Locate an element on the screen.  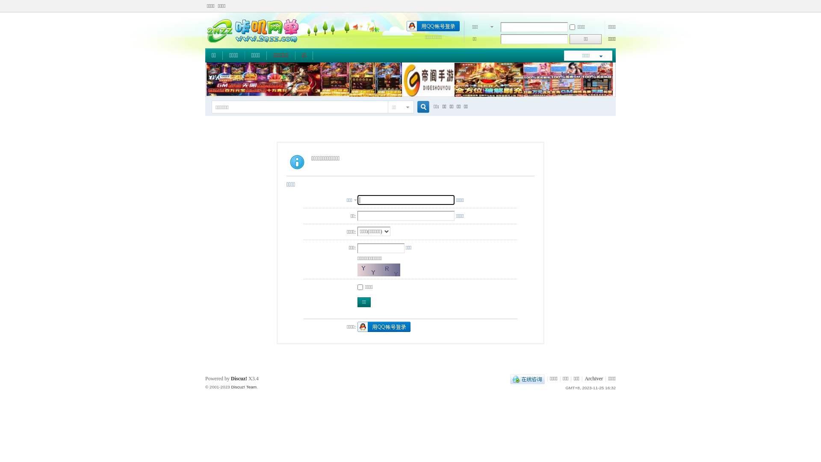
'Discuz!' is located at coordinates (239, 378).